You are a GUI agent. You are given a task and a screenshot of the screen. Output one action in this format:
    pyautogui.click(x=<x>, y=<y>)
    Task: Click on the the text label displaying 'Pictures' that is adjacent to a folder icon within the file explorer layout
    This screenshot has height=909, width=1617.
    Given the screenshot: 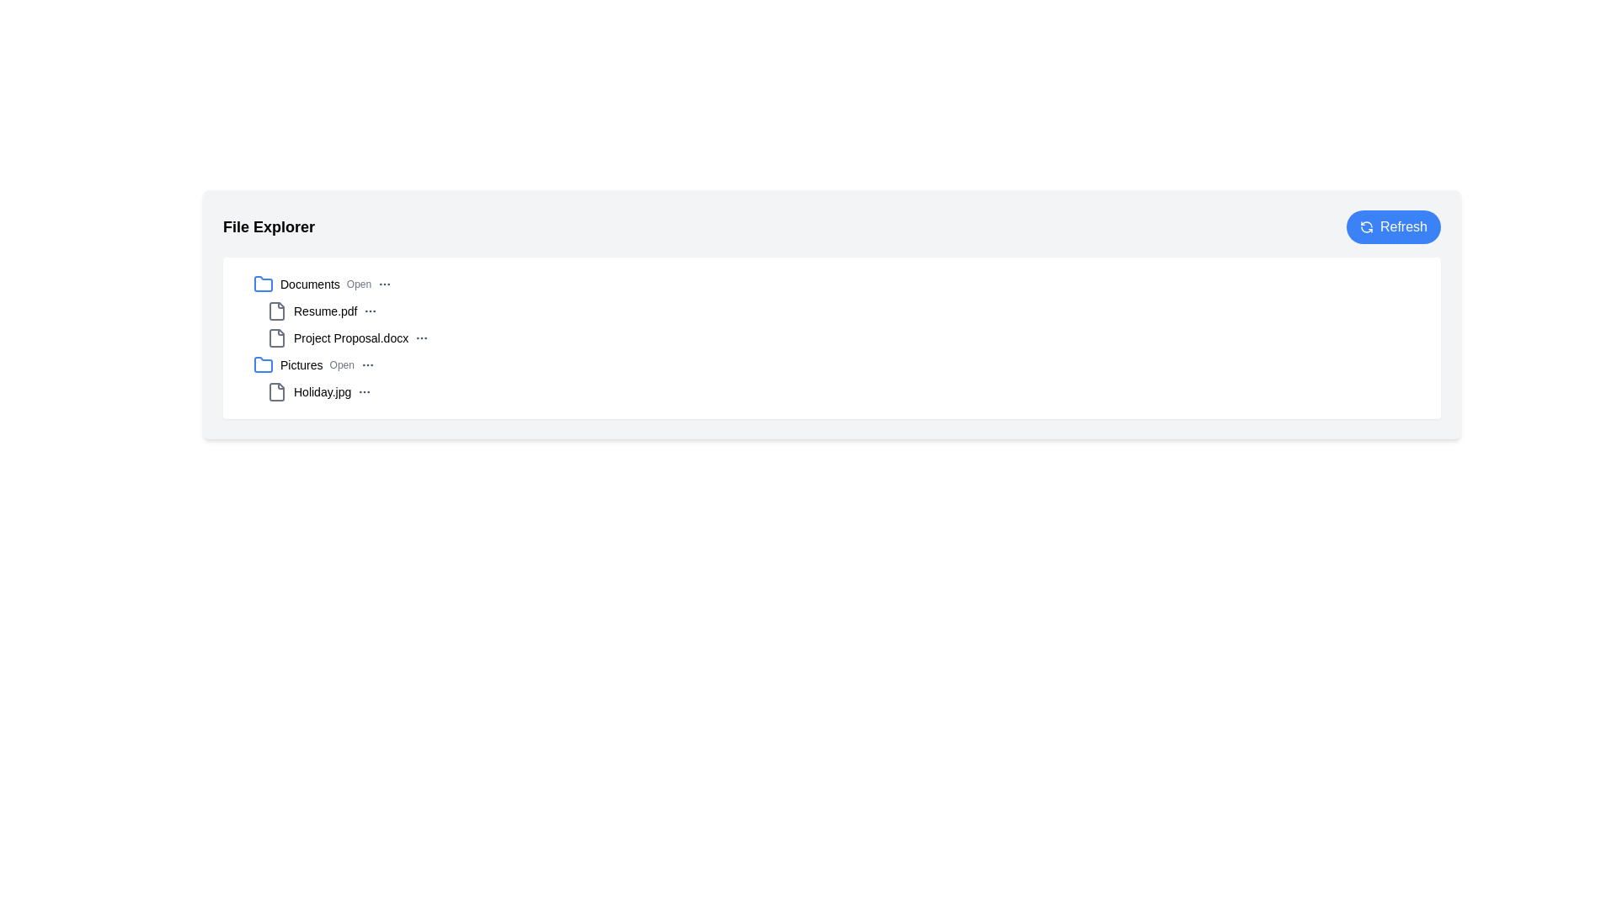 What is the action you would take?
    pyautogui.click(x=302, y=364)
    